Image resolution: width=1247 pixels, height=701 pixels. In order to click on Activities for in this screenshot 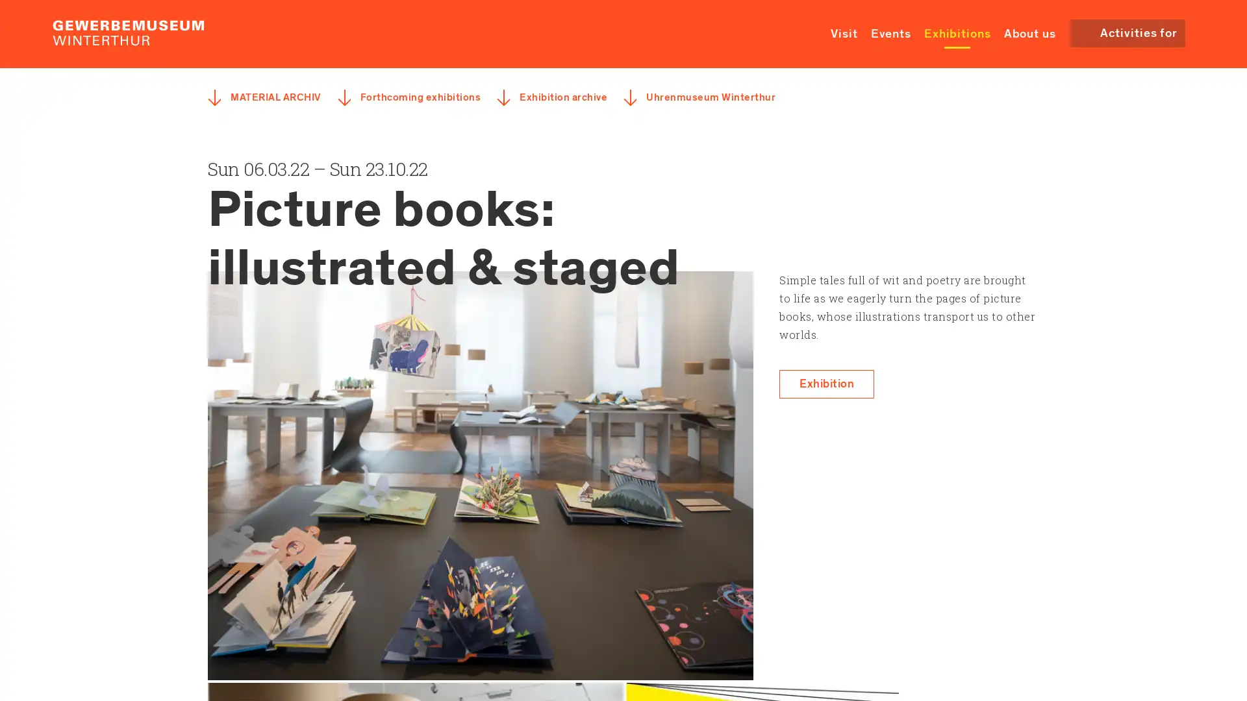, I will do `click(1127, 32)`.